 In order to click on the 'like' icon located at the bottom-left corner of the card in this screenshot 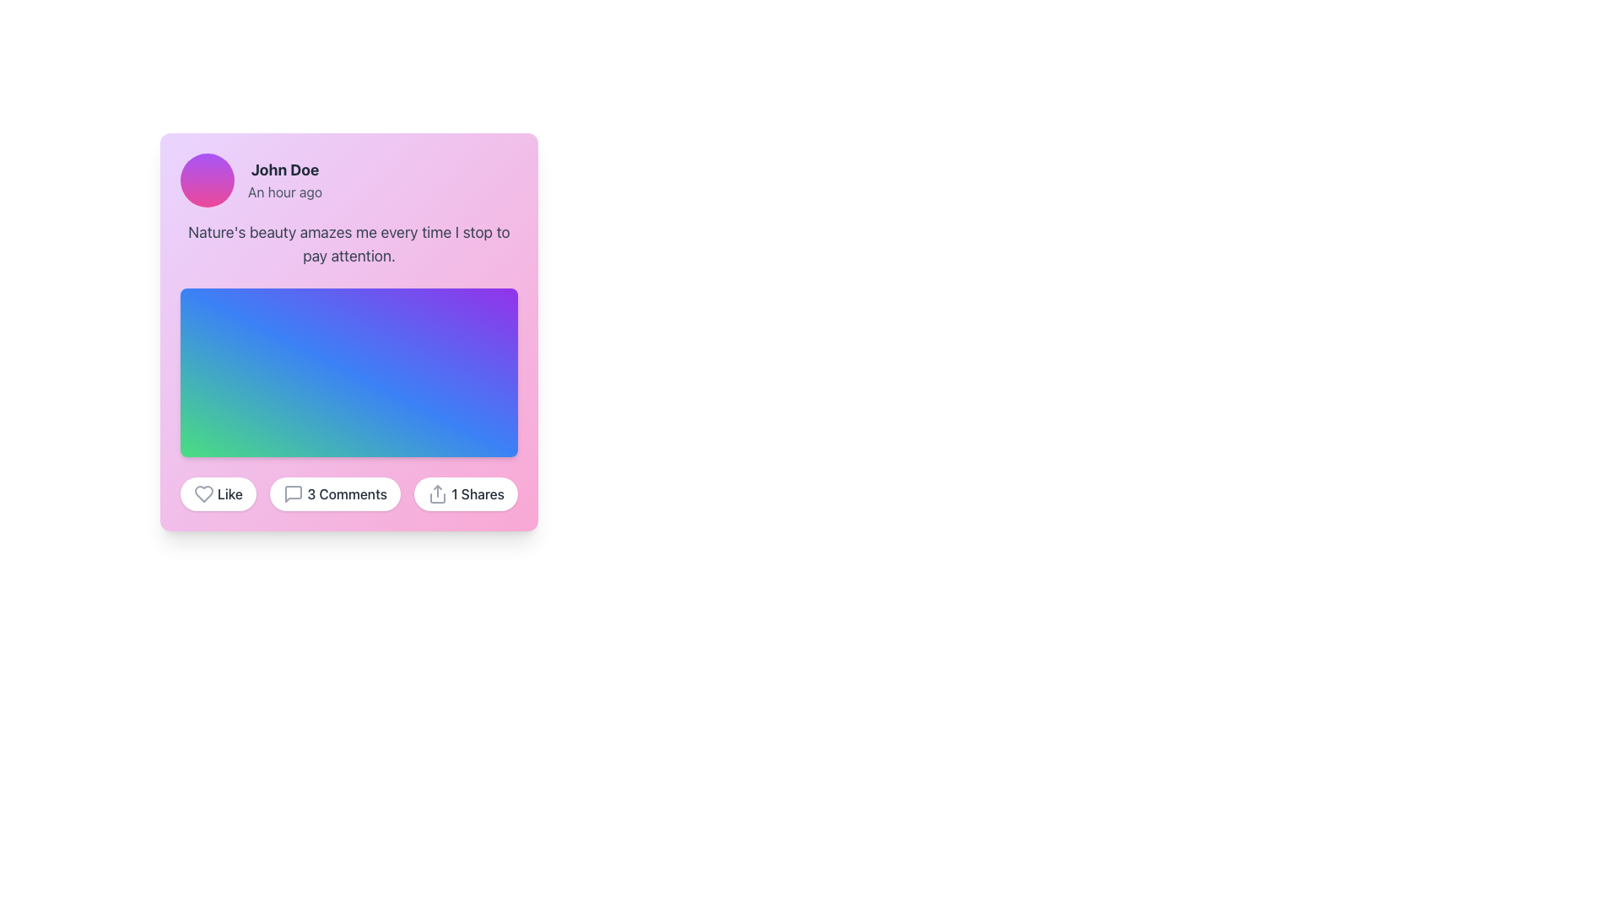, I will do `click(202, 493)`.